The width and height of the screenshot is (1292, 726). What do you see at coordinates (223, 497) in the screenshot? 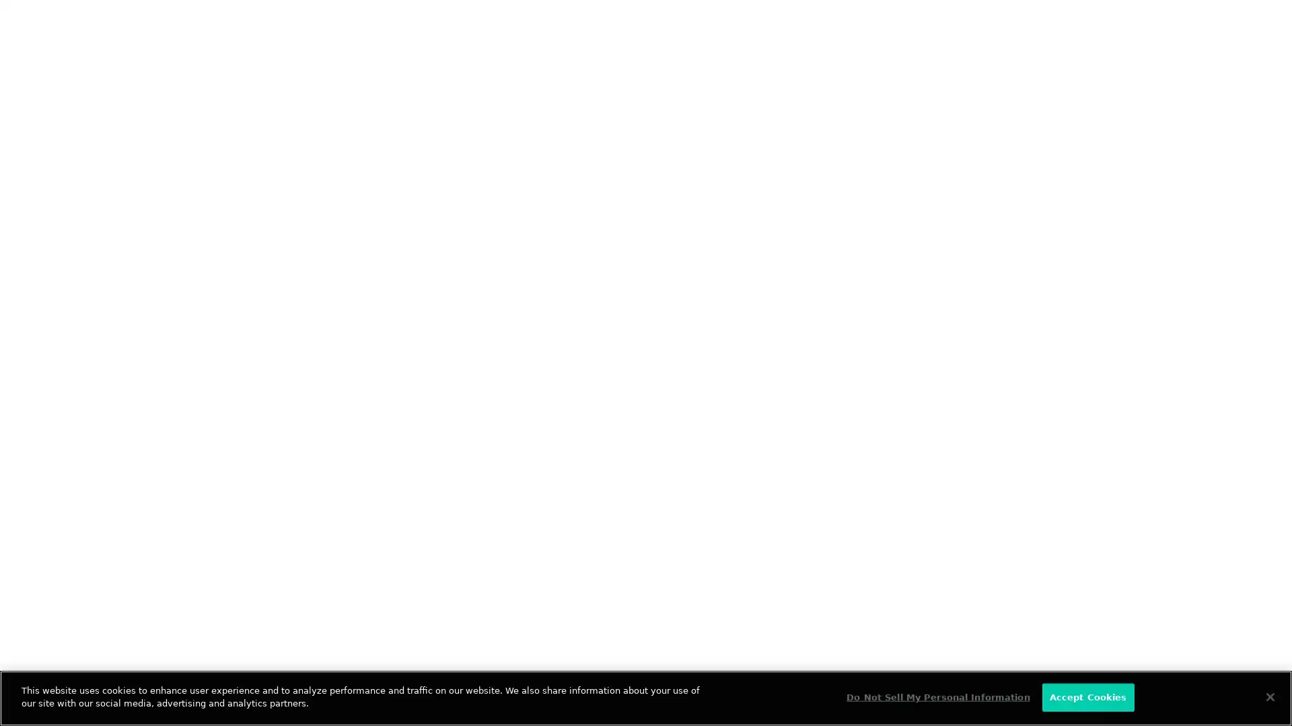
I see `INDIVIDUAL` at bounding box center [223, 497].